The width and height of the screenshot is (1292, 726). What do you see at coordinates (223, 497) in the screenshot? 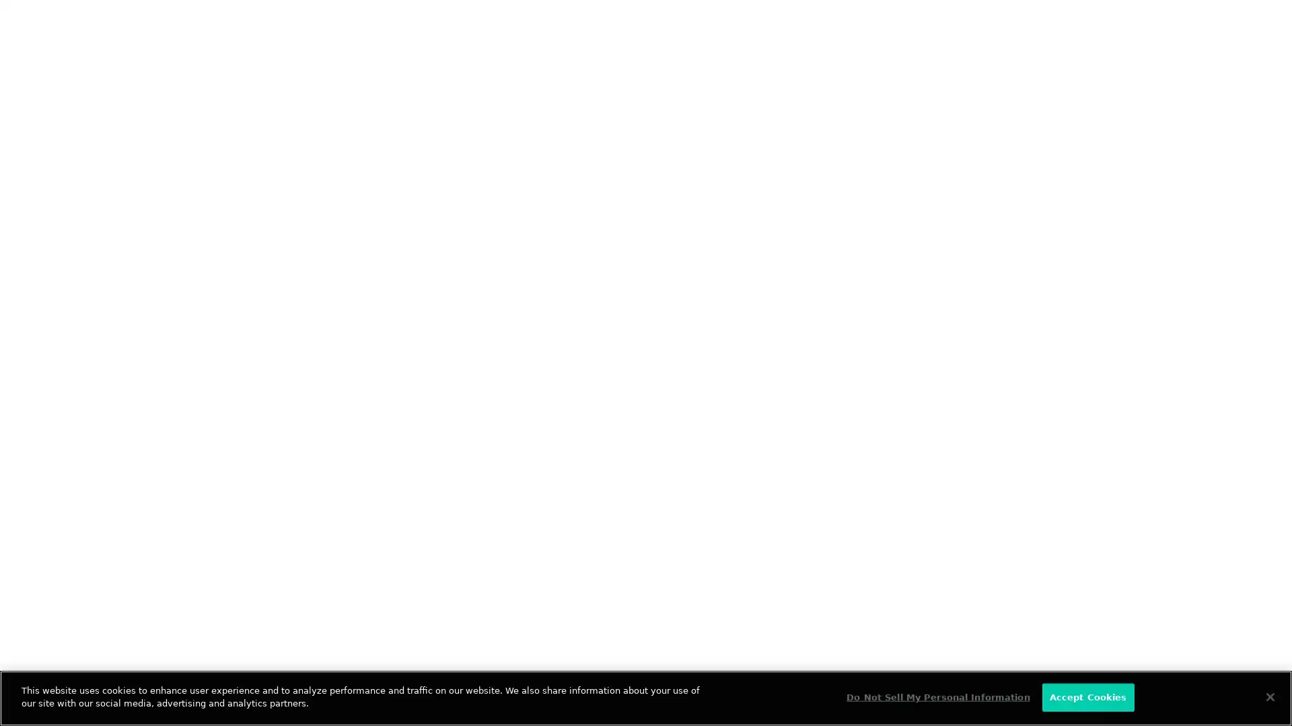
I see `INDIVIDUAL` at bounding box center [223, 497].